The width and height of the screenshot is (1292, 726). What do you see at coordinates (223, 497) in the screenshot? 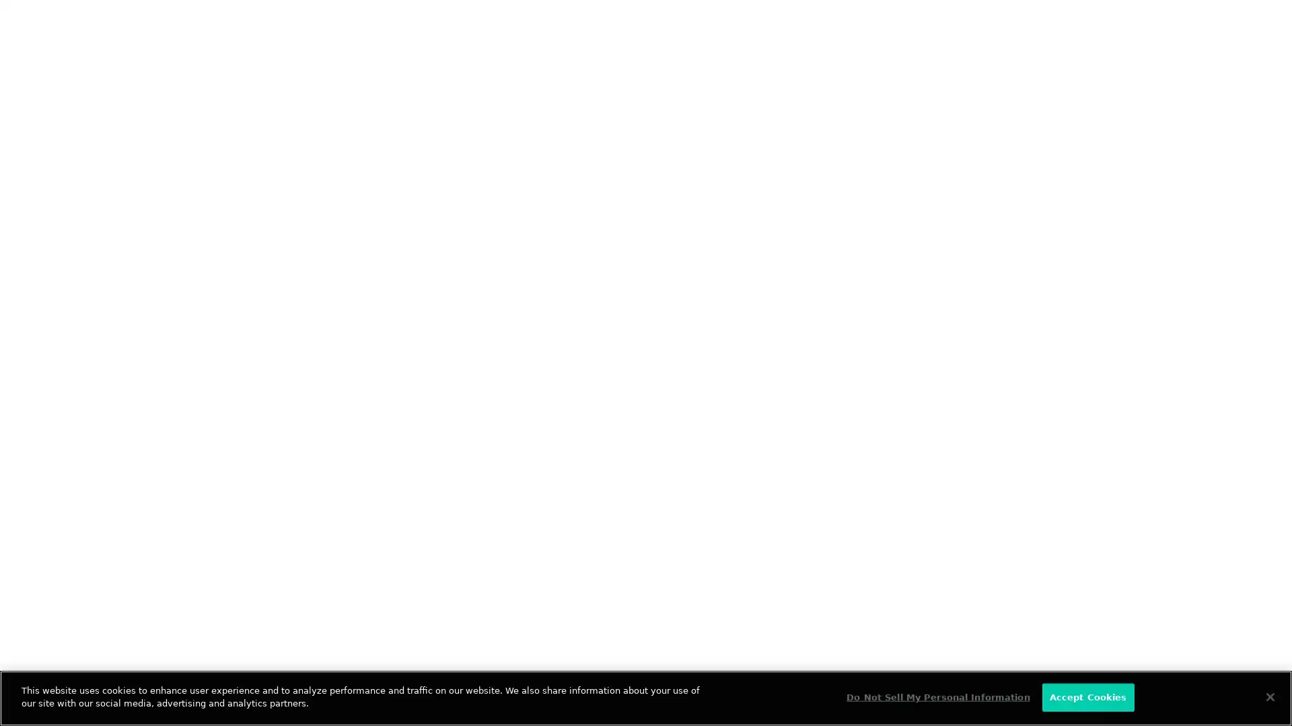
I see `INDIVIDUAL` at bounding box center [223, 497].